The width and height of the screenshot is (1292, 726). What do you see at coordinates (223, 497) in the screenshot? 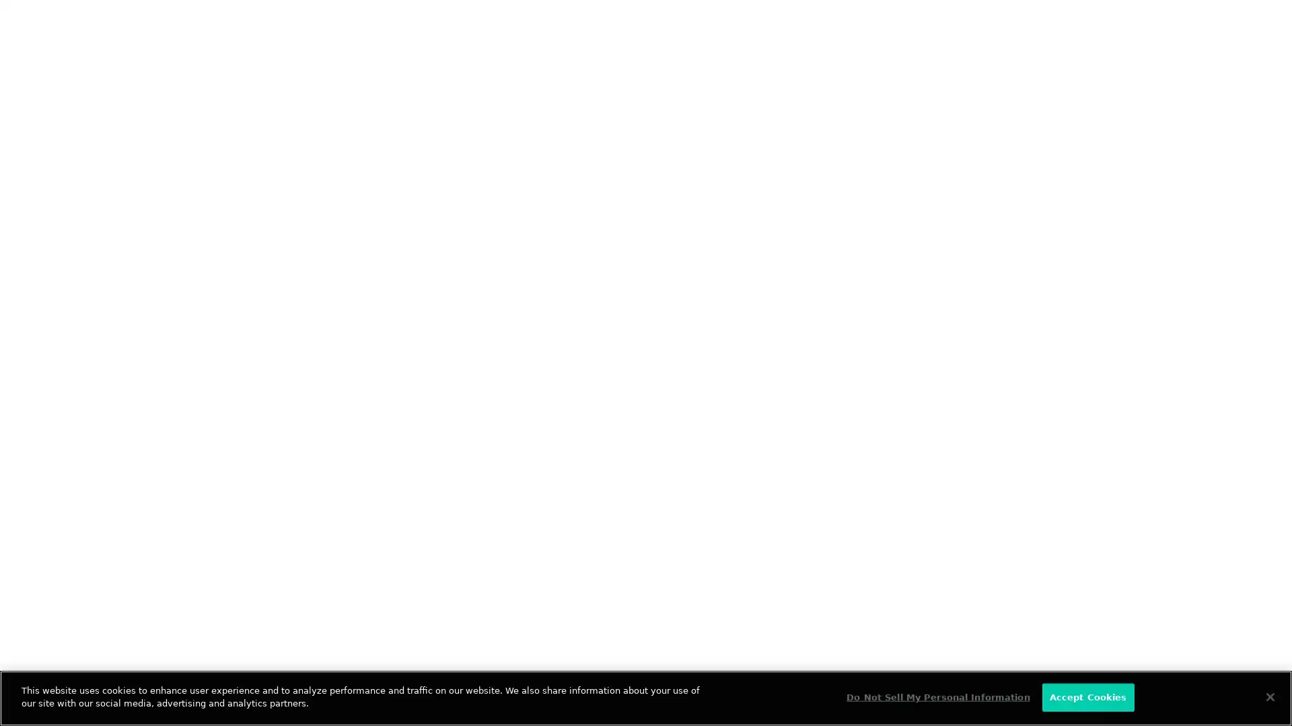
I see `INDIVIDUAL` at bounding box center [223, 497].